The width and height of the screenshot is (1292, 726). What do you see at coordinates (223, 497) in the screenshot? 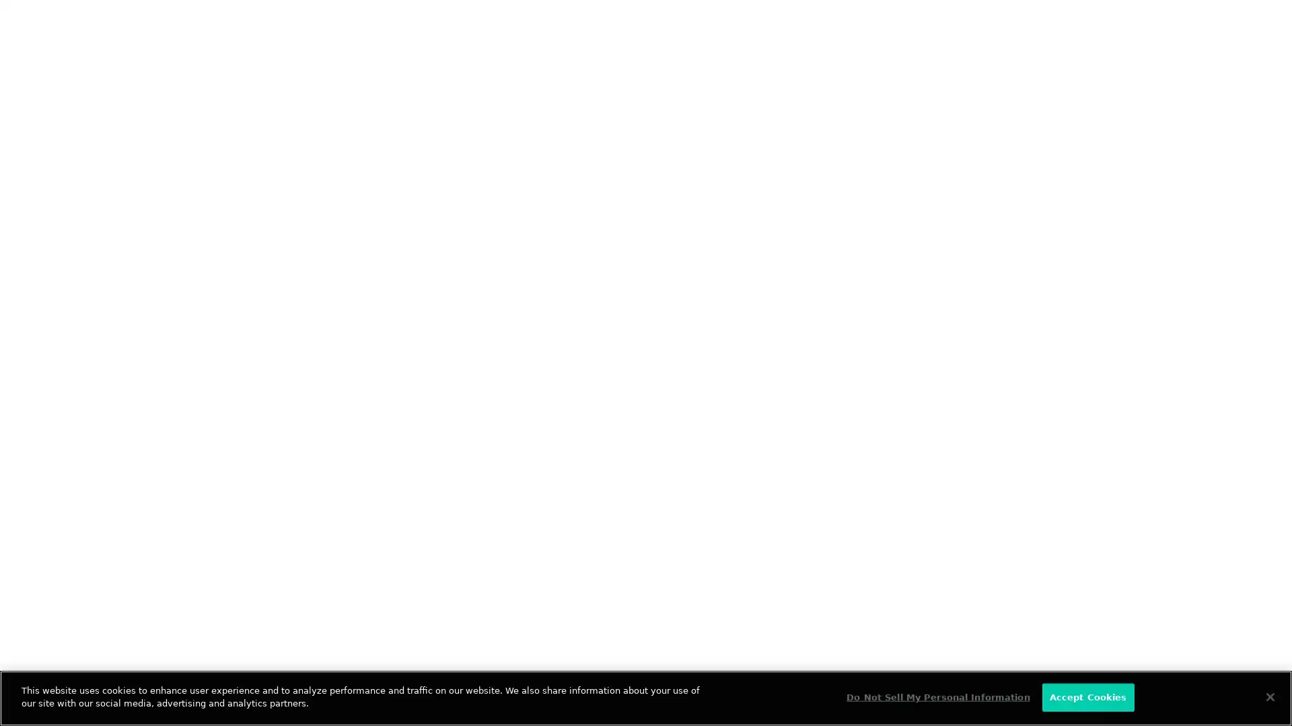
I see `INDIVIDUAL` at bounding box center [223, 497].